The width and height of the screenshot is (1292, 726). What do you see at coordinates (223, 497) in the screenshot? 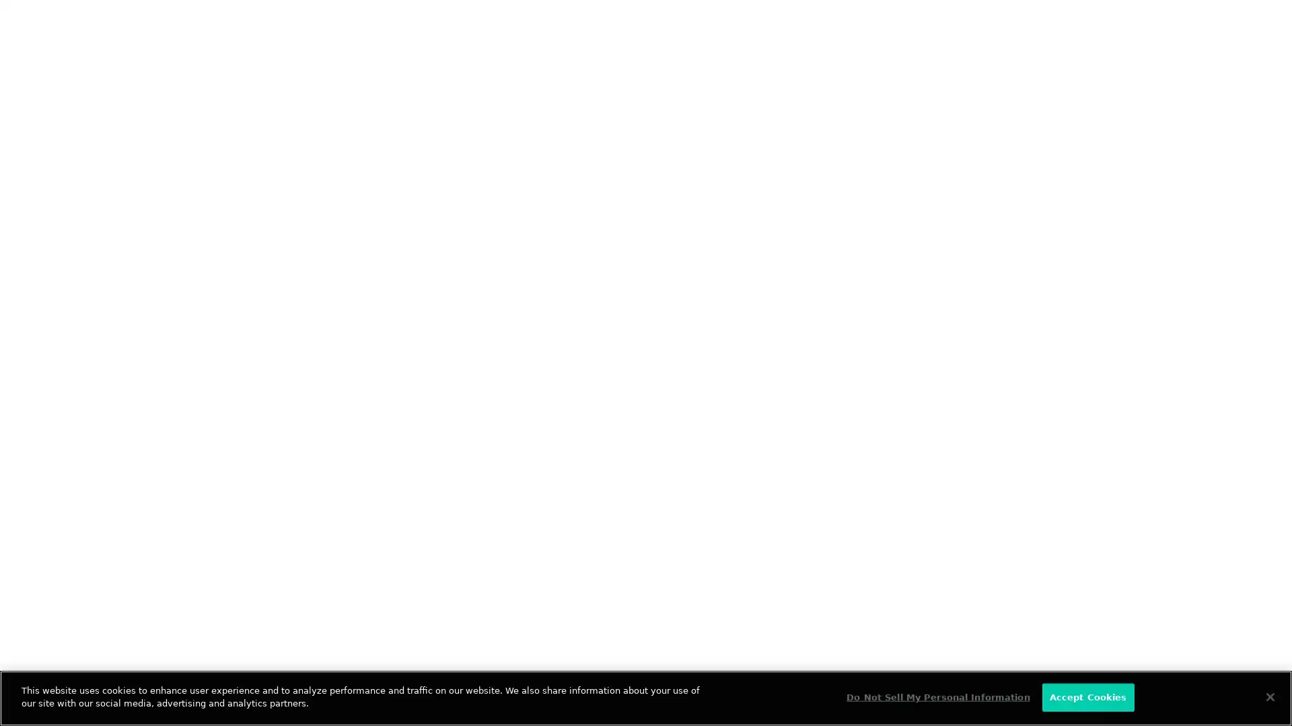
I see `INDIVIDUAL` at bounding box center [223, 497].